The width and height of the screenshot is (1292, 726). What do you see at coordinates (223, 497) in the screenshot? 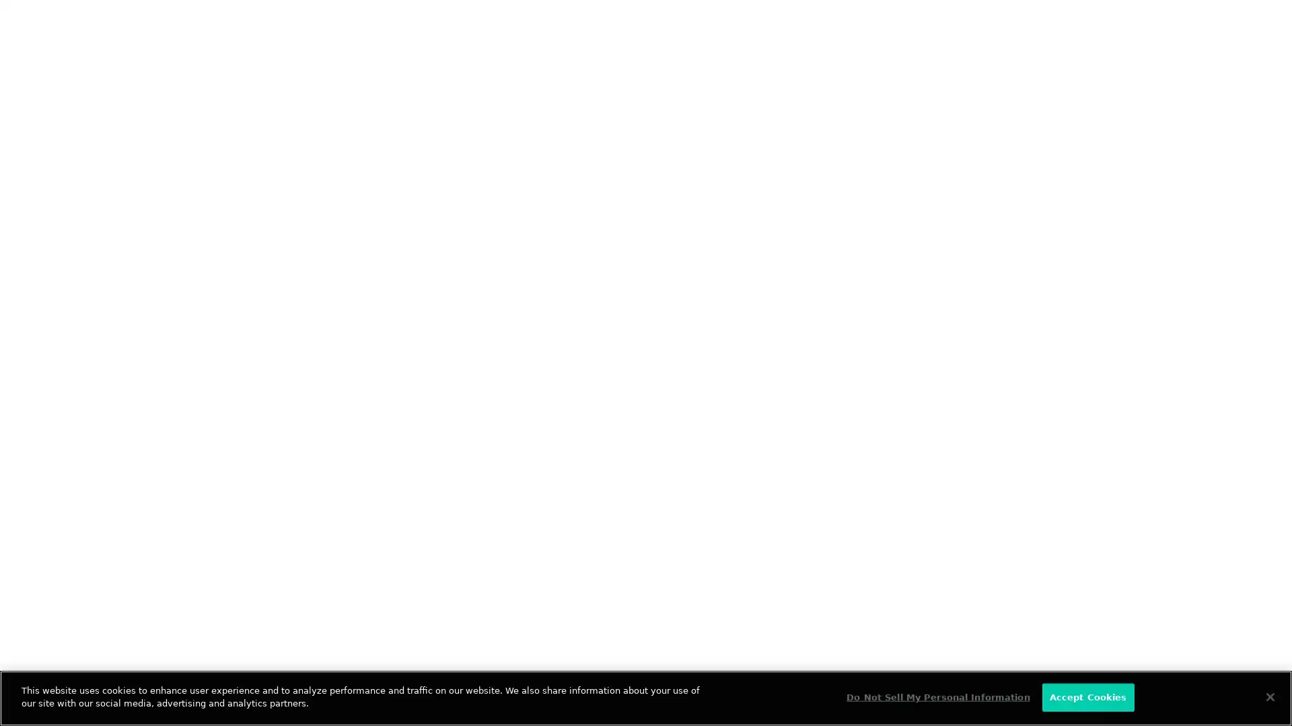
I see `INDIVIDUAL` at bounding box center [223, 497].